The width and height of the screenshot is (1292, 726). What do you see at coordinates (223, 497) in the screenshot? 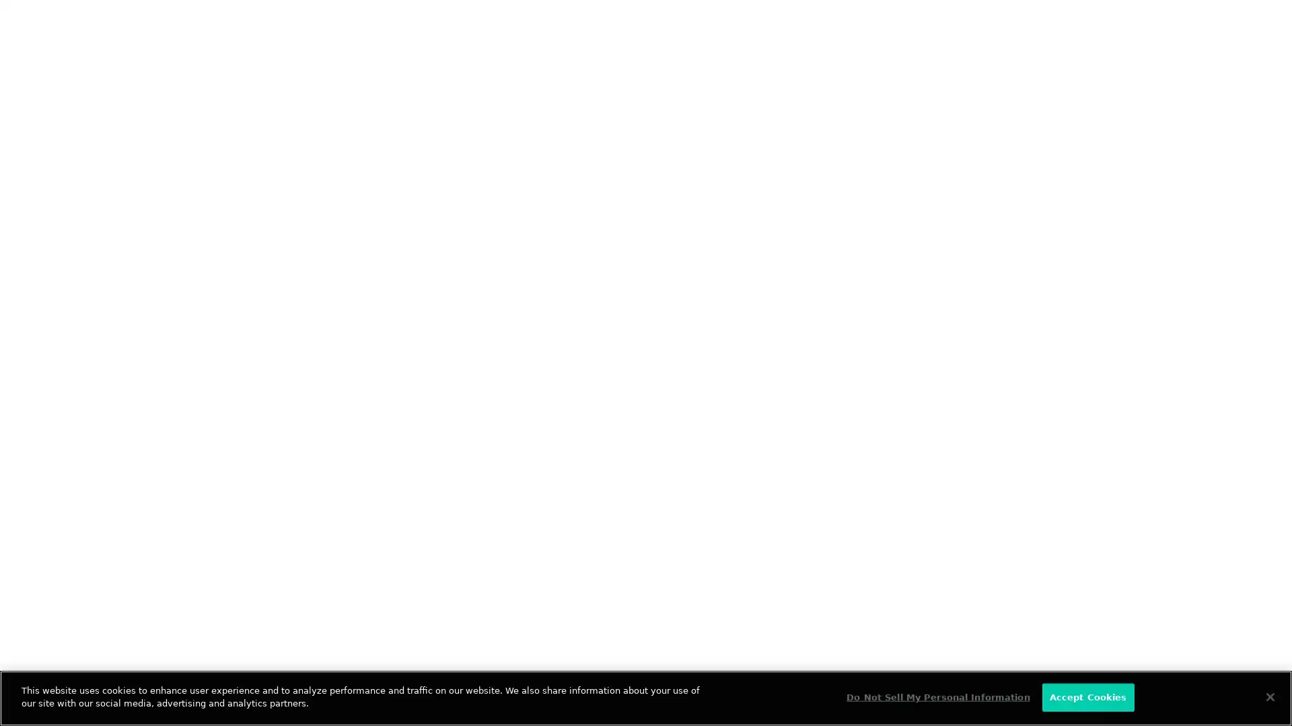
I see `INDIVIDUAL` at bounding box center [223, 497].